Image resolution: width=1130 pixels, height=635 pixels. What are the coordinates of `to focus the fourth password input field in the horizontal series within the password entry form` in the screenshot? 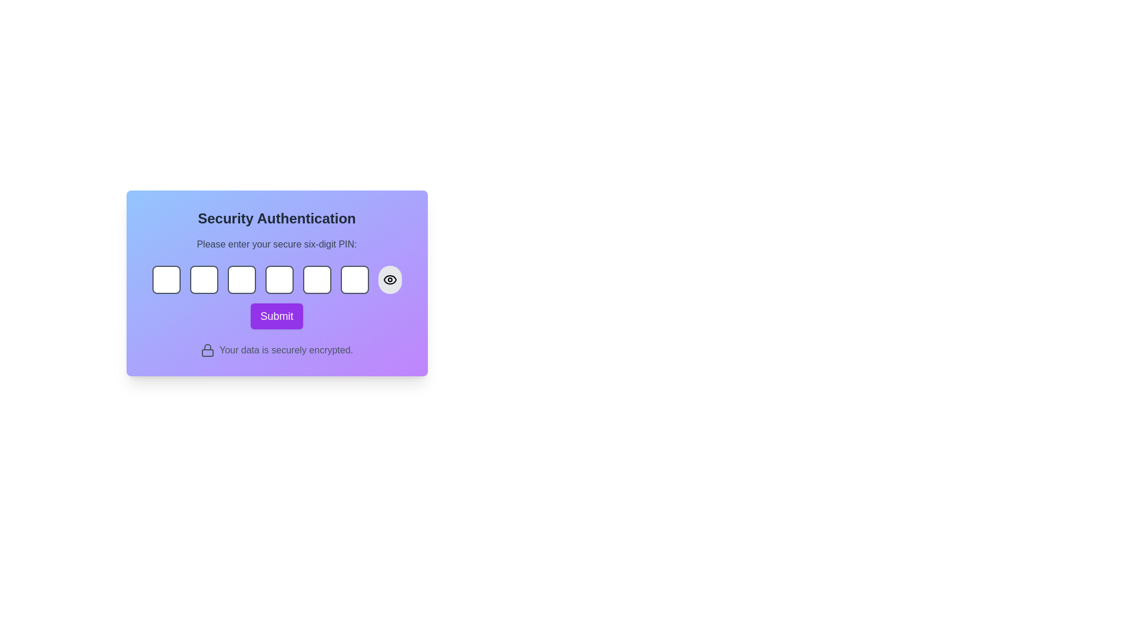 It's located at (278, 279).